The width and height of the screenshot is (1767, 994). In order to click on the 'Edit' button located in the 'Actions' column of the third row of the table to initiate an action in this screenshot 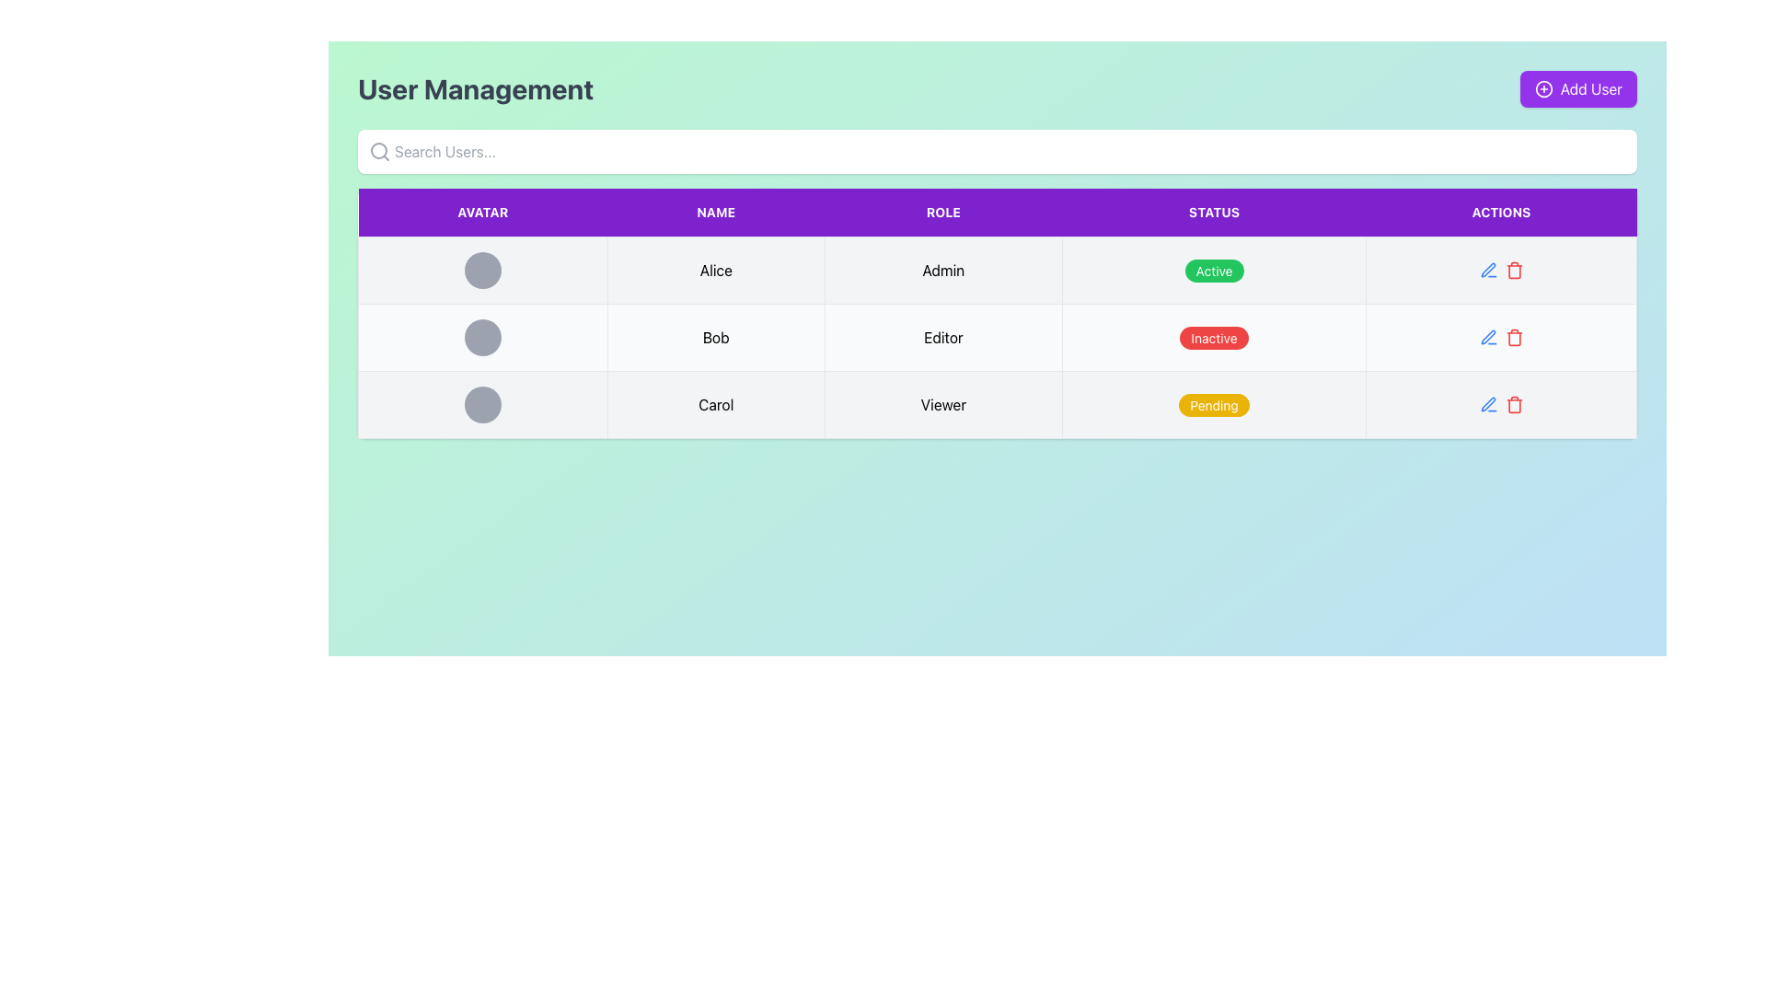, I will do `click(1488, 403)`.